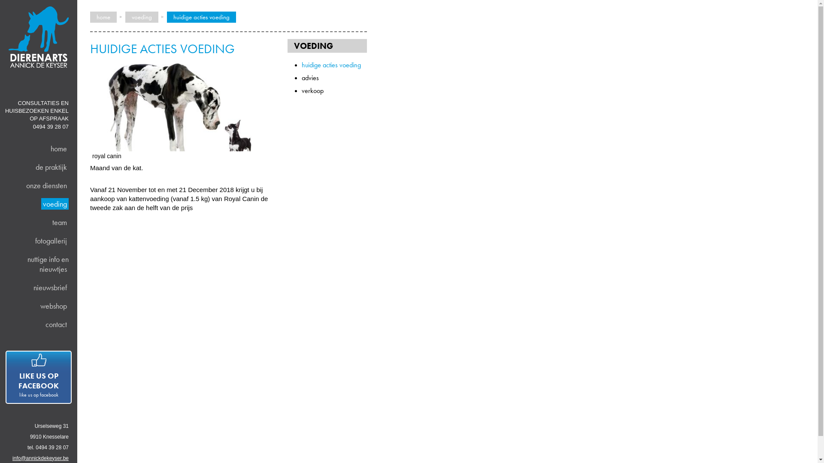 This screenshot has width=824, height=463. I want to click on 'nuttige info en nieuwtjes', so click(47, 264).